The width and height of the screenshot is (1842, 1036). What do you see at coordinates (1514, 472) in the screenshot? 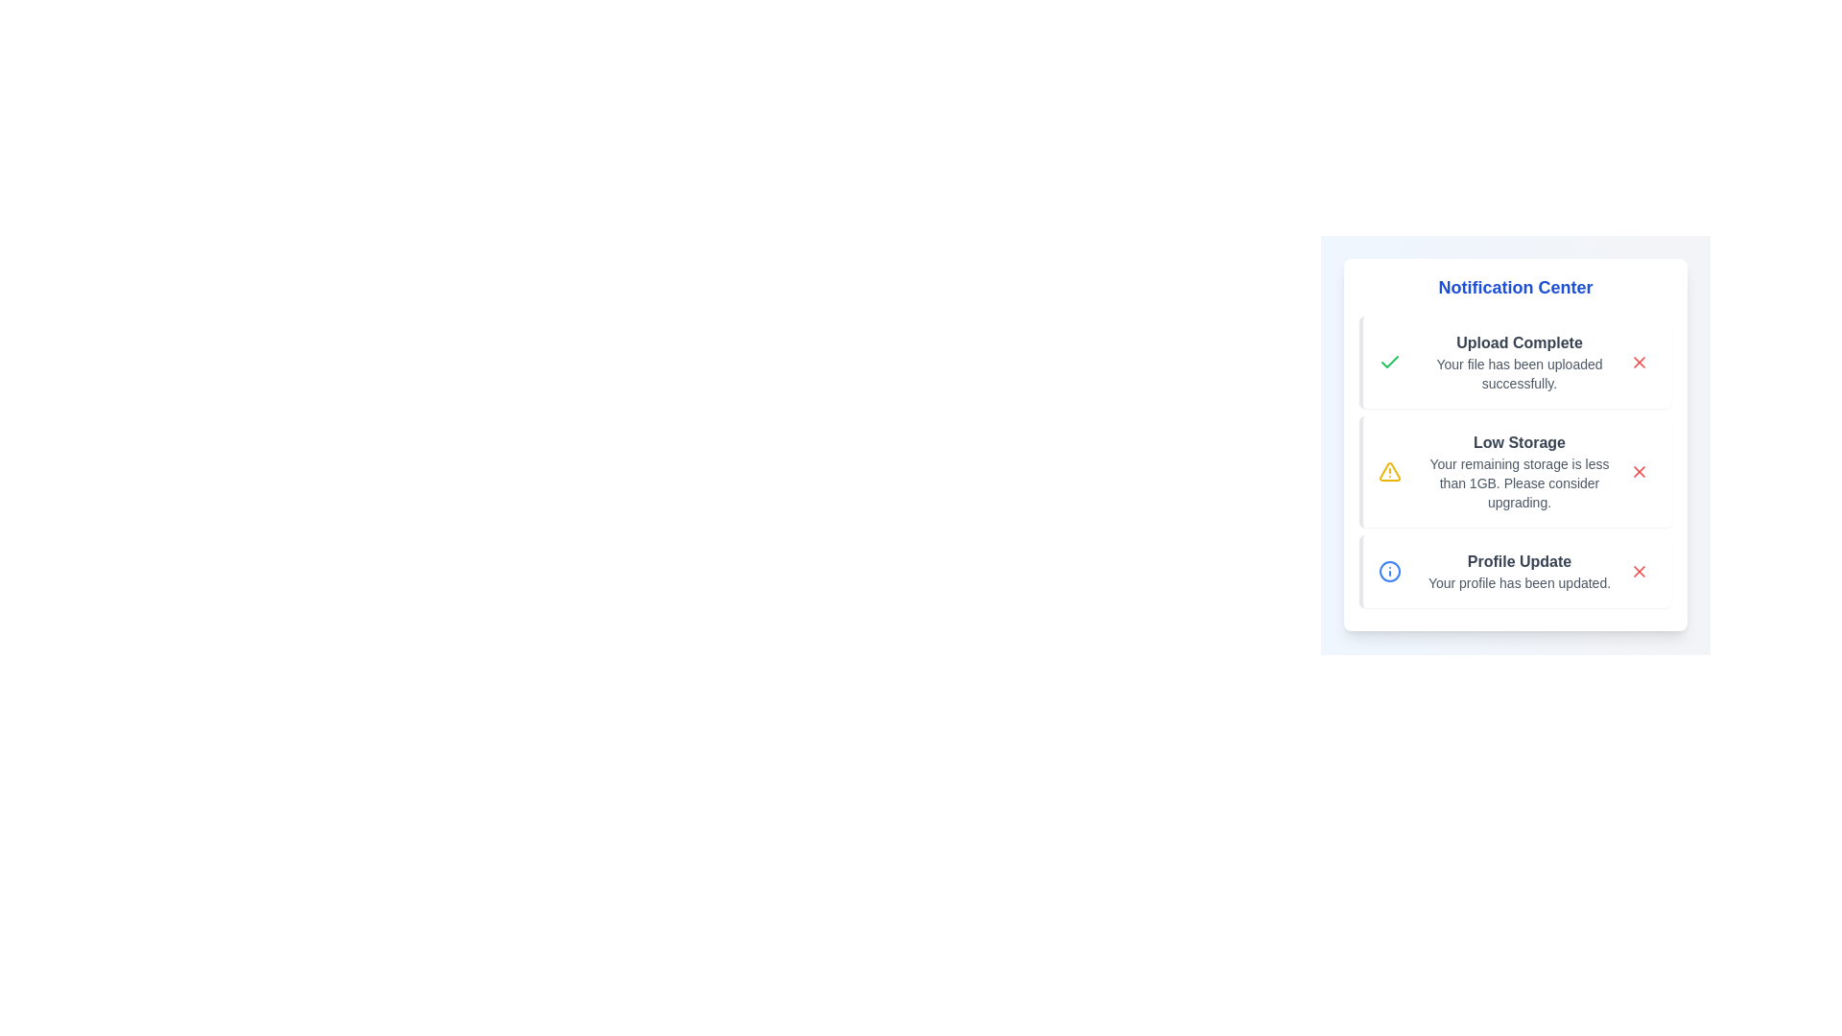
I see `the second notification card in the vertical list of the notification panel` at bounding box center [1514, 472].